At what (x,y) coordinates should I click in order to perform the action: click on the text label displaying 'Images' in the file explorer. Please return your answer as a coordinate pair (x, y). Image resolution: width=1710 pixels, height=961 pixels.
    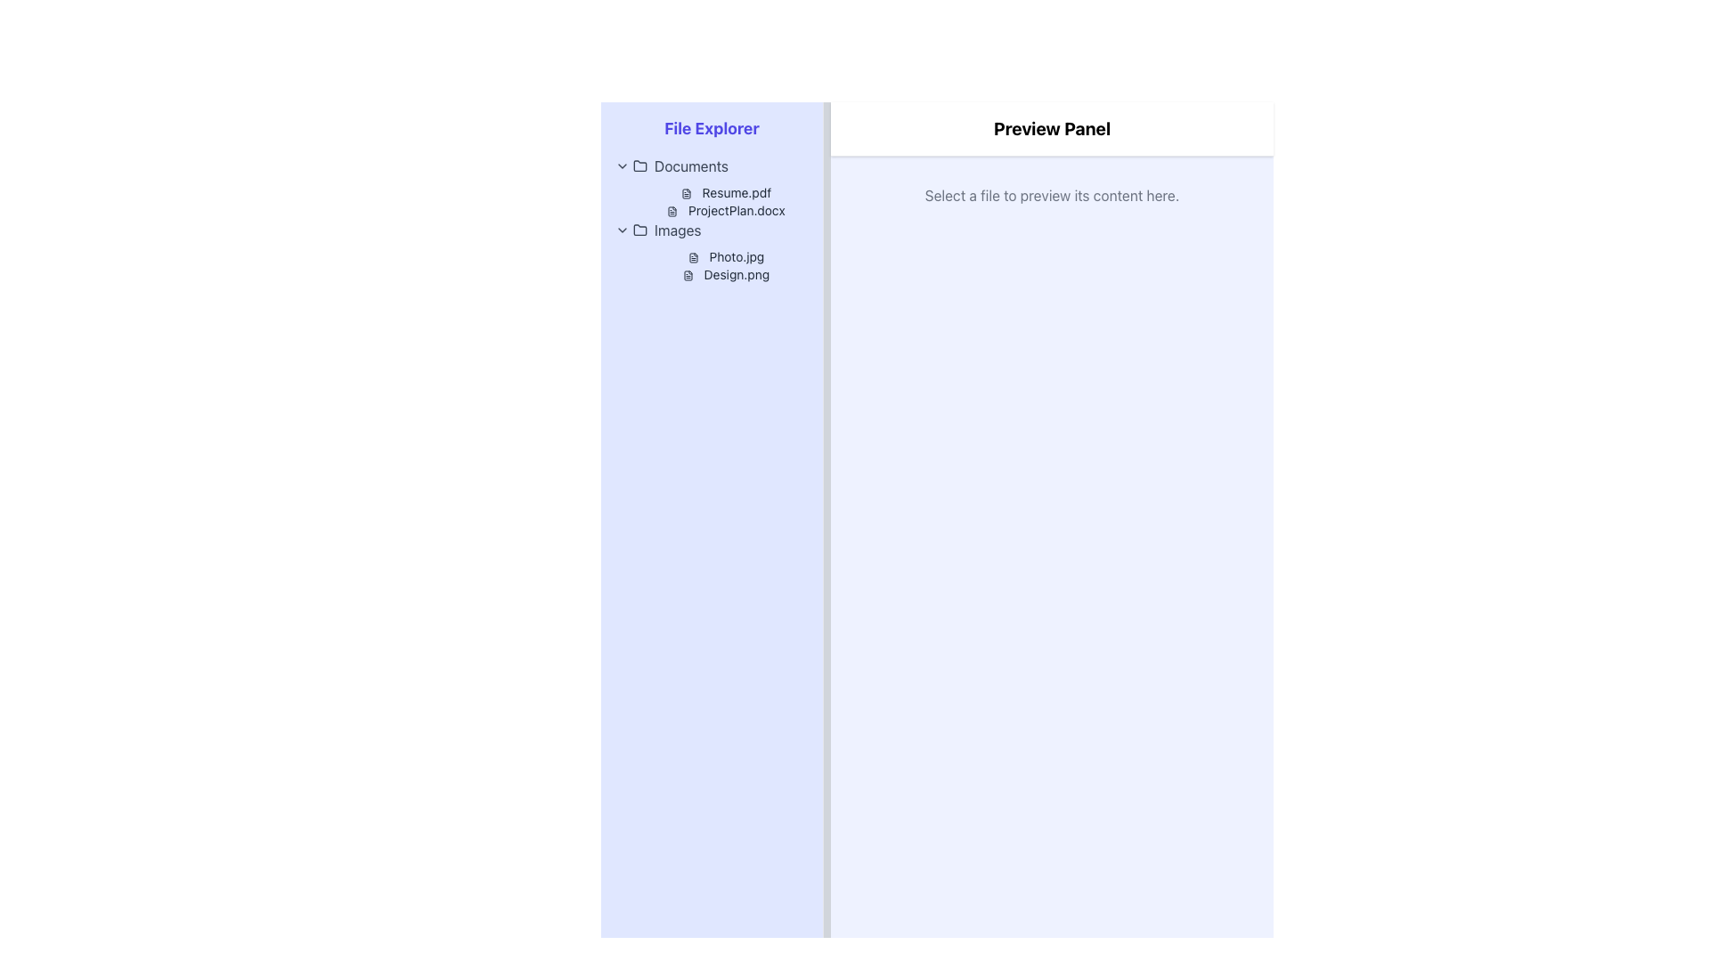
    Looking at the image, I should click on (677, 229).